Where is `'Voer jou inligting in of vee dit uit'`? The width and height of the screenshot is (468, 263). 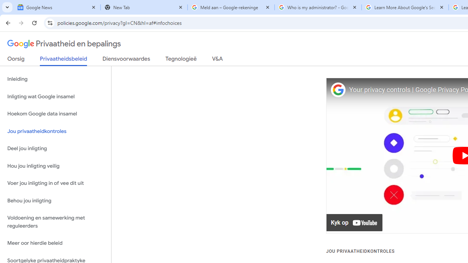 'Voer jou inligting in of vee dit uit' is located at coordinates (55, 183).